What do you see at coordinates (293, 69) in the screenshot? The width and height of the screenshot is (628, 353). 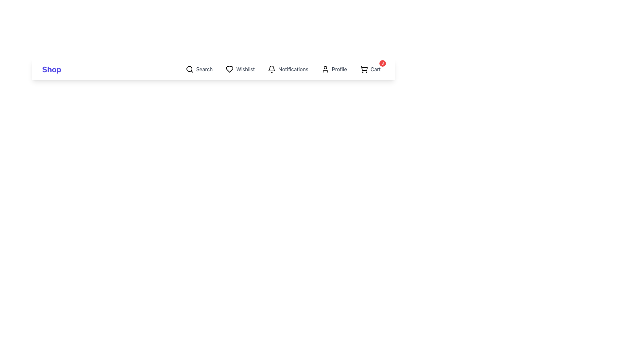 I see `the text label that provides context for the notifications feature, located to the right of the bell icon in the top navigation bar` at bounding box center [293, 69].